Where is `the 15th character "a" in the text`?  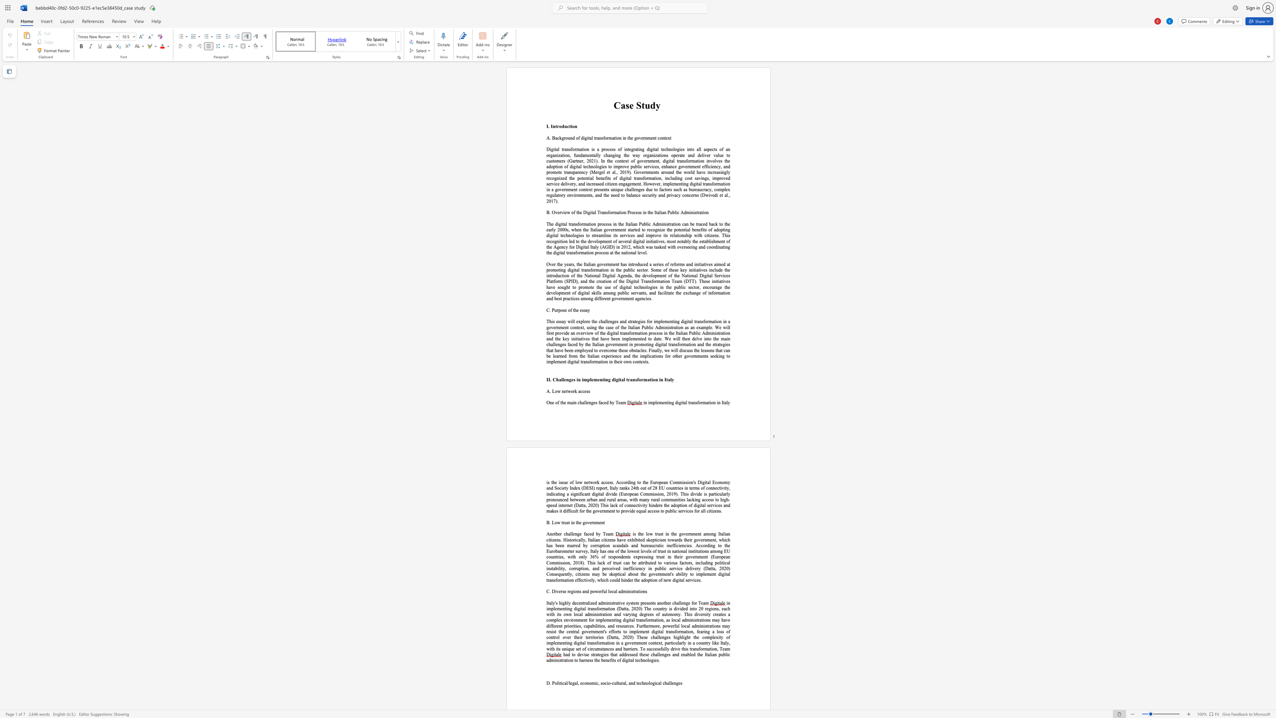
the 15th character "a" in the text is located at coordinates (636, 155).